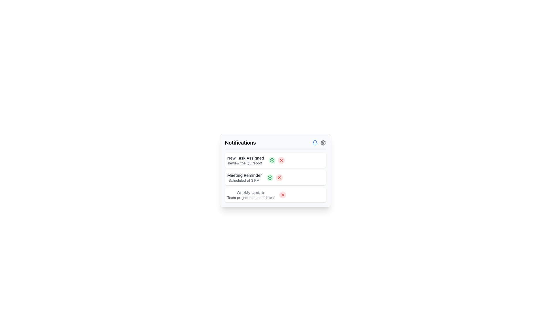  Describe the element at coordinates (244, 177) in the screenshot. I see `text from the notification about the scheduled meeting, which is the second item in the vertical list of notifications` at that location.